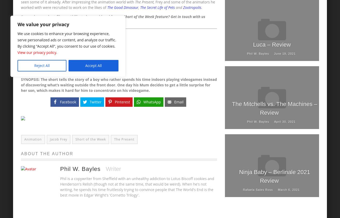 Image resolution: width=340 pixels, height=218 pixels. What do you see at coordinates (124, 139) in the screenshot?
I see `'The Present'` at bounding box center [124, 139].